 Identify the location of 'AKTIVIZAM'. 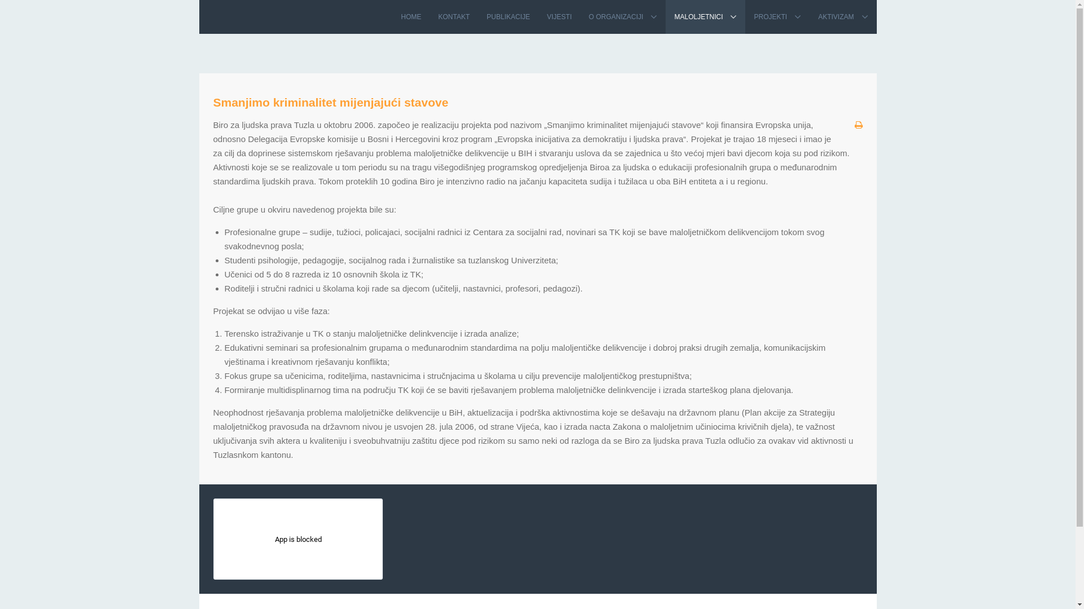
(842, 17).